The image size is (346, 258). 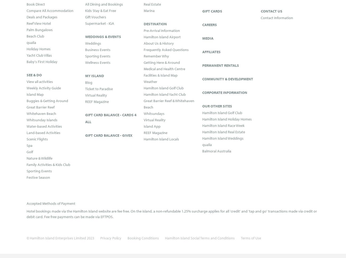 I want to click on 'Island App', so click(x=152, y=126).